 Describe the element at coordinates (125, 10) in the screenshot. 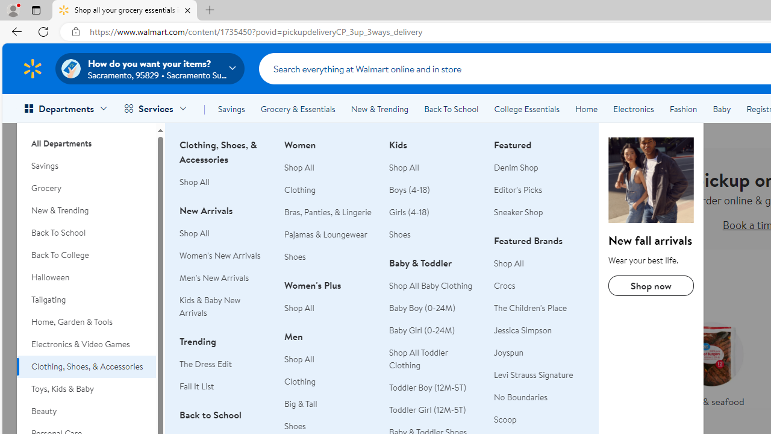

I see `'Shop all your grocery essentials in one place! - Walmart.com'` at that location.